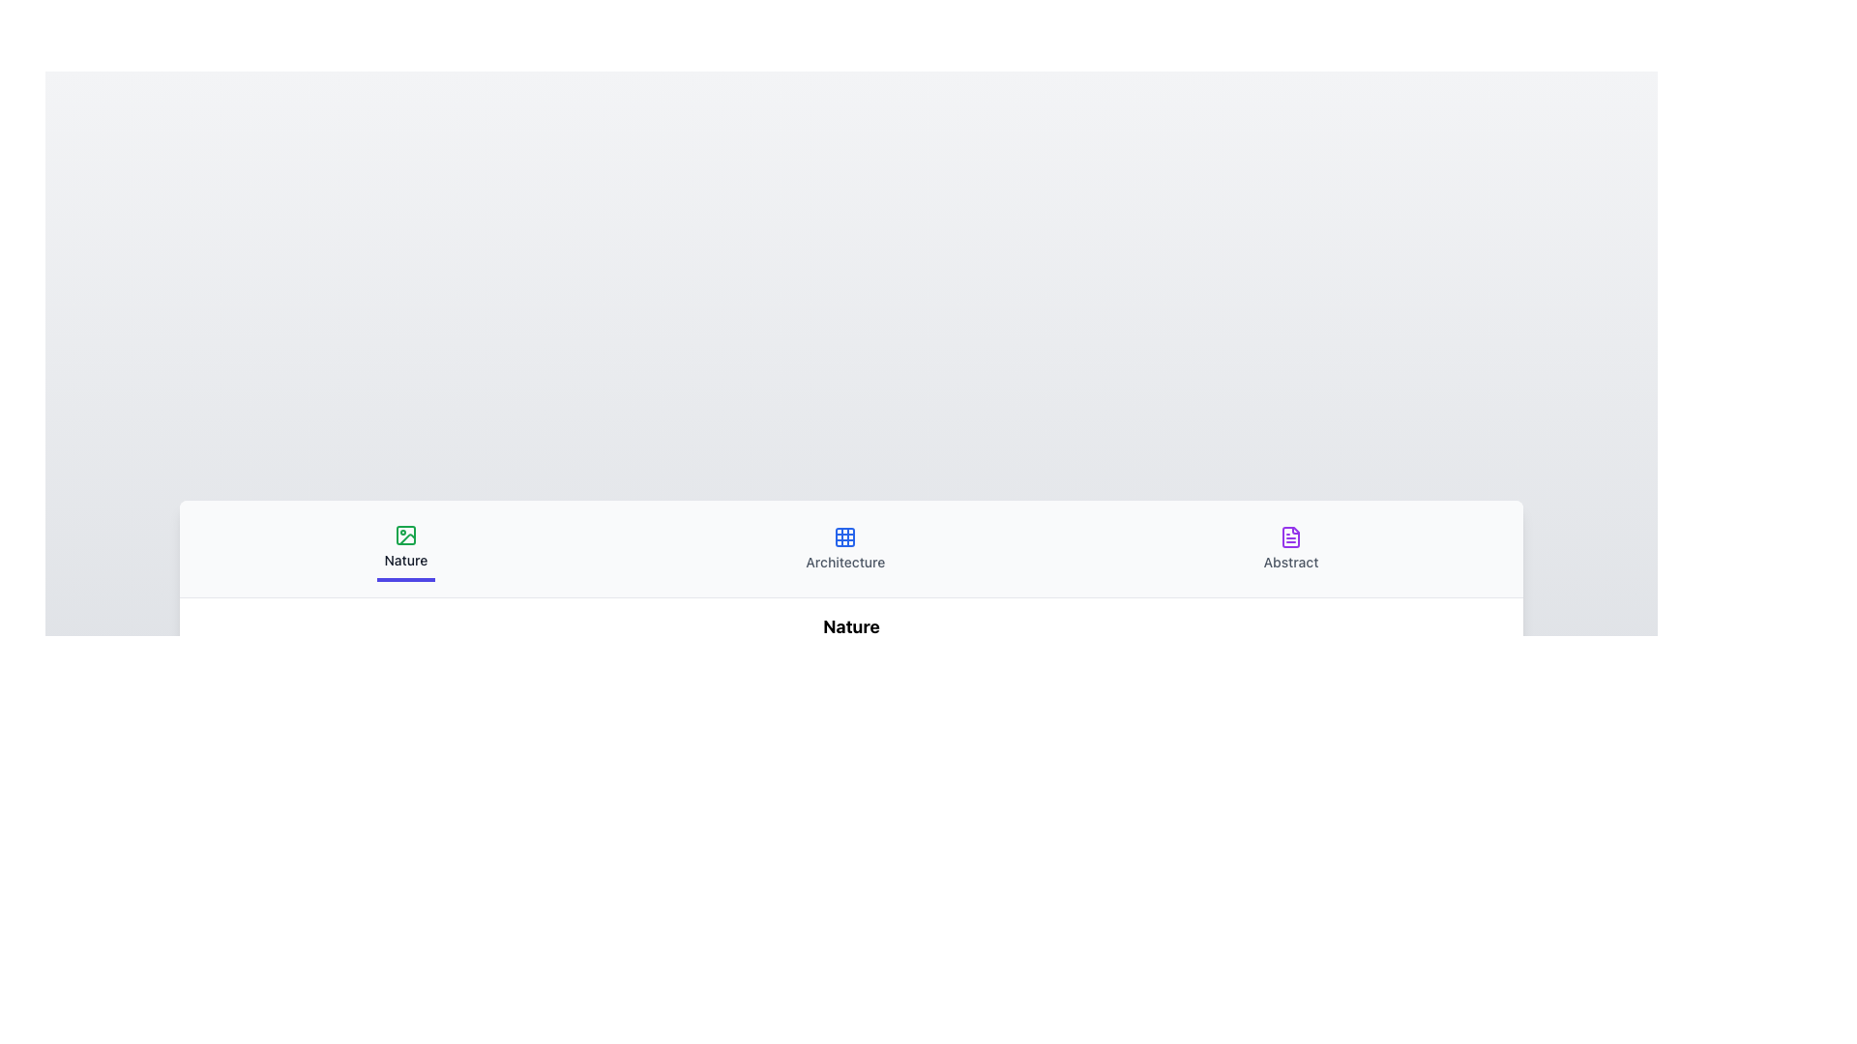 This screenshot has height=1044, width=1857. Describe the element at coordinates (845, 536) in the screenshot. I see `the blue grid icon representing the navigation option` at that location.